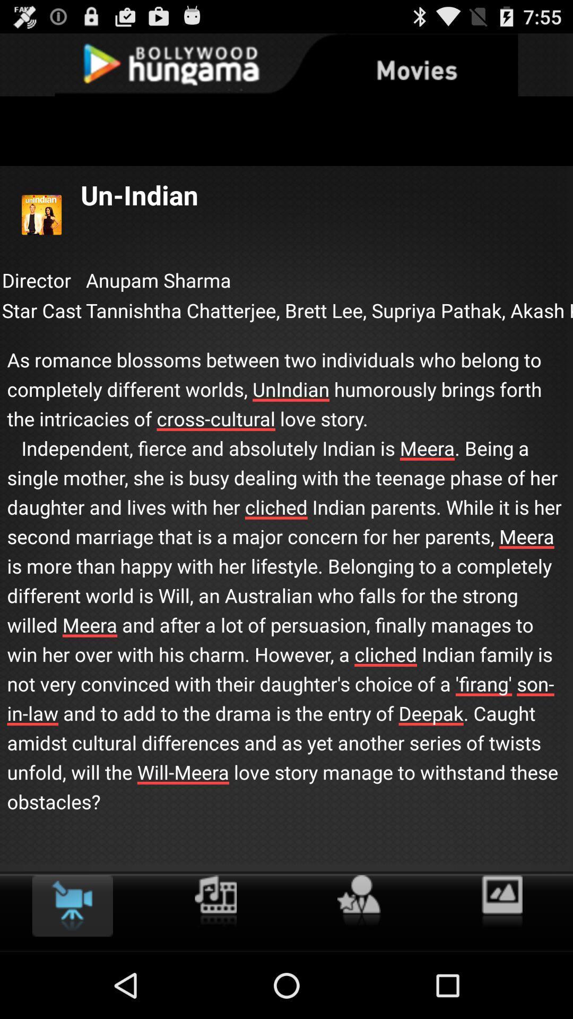  What do you see at coordinates (72, 905) in the screenshot?
I see `the icon at the bottom left corner` at bounding box center [72, 905].